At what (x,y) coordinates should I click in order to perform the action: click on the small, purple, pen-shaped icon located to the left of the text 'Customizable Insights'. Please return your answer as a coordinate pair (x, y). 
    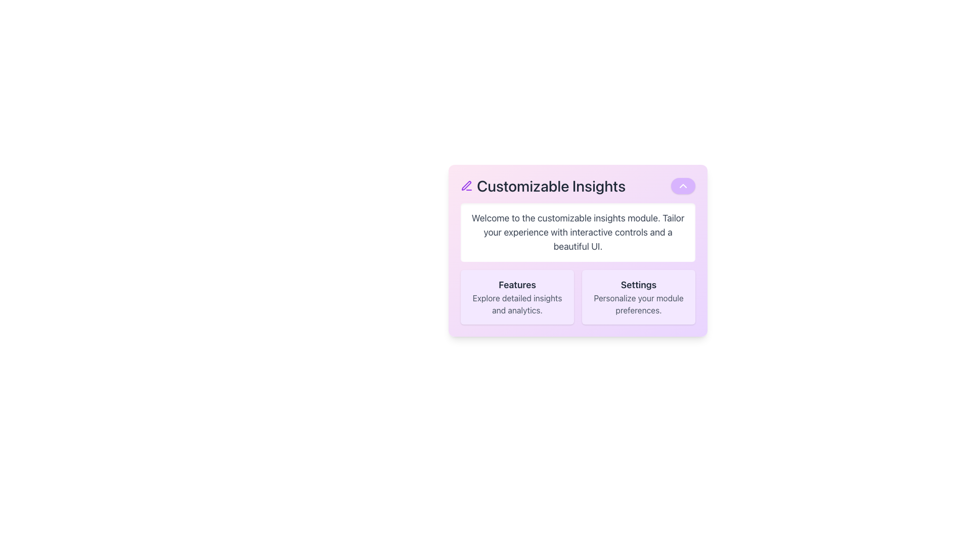
    Looking at the image, I should click on (466, 186).